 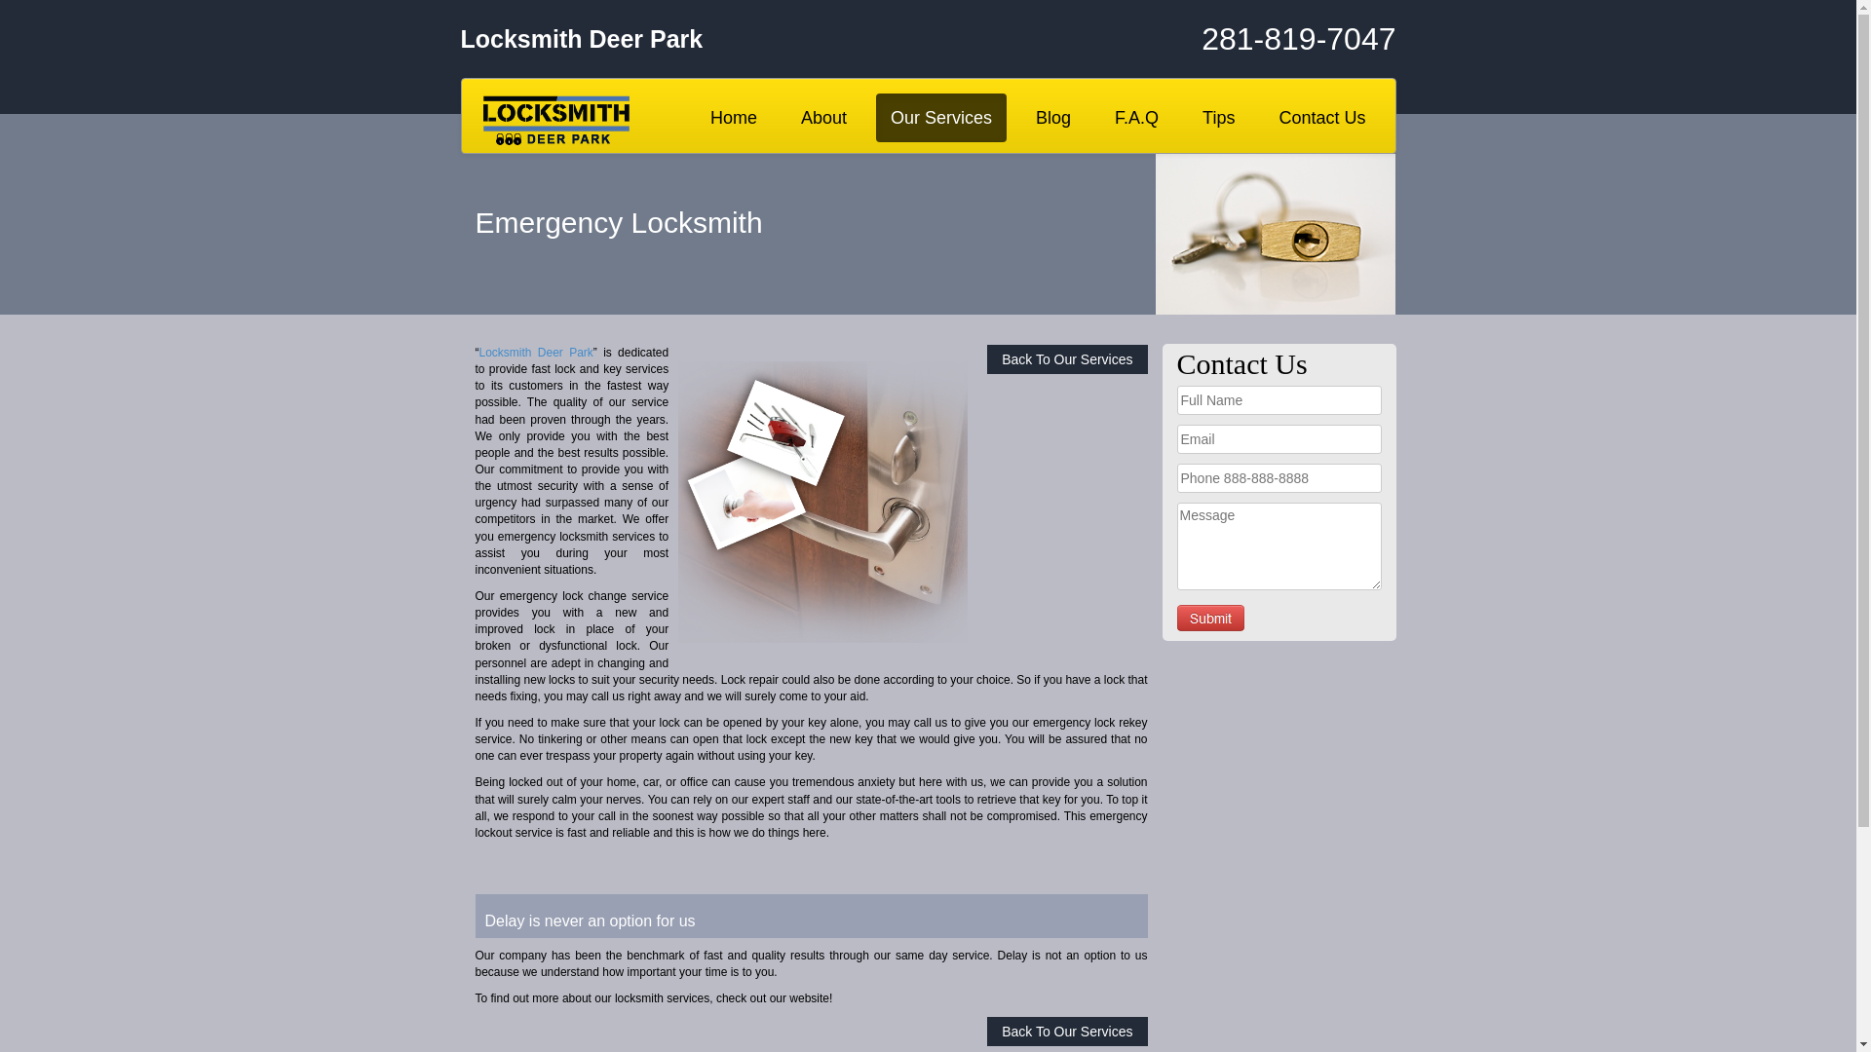 I want to click on 'Back To Our Services', so click(x=1065, y=1031).